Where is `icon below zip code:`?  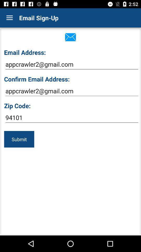
icon below zip code: is located at coordinates (72, 118).